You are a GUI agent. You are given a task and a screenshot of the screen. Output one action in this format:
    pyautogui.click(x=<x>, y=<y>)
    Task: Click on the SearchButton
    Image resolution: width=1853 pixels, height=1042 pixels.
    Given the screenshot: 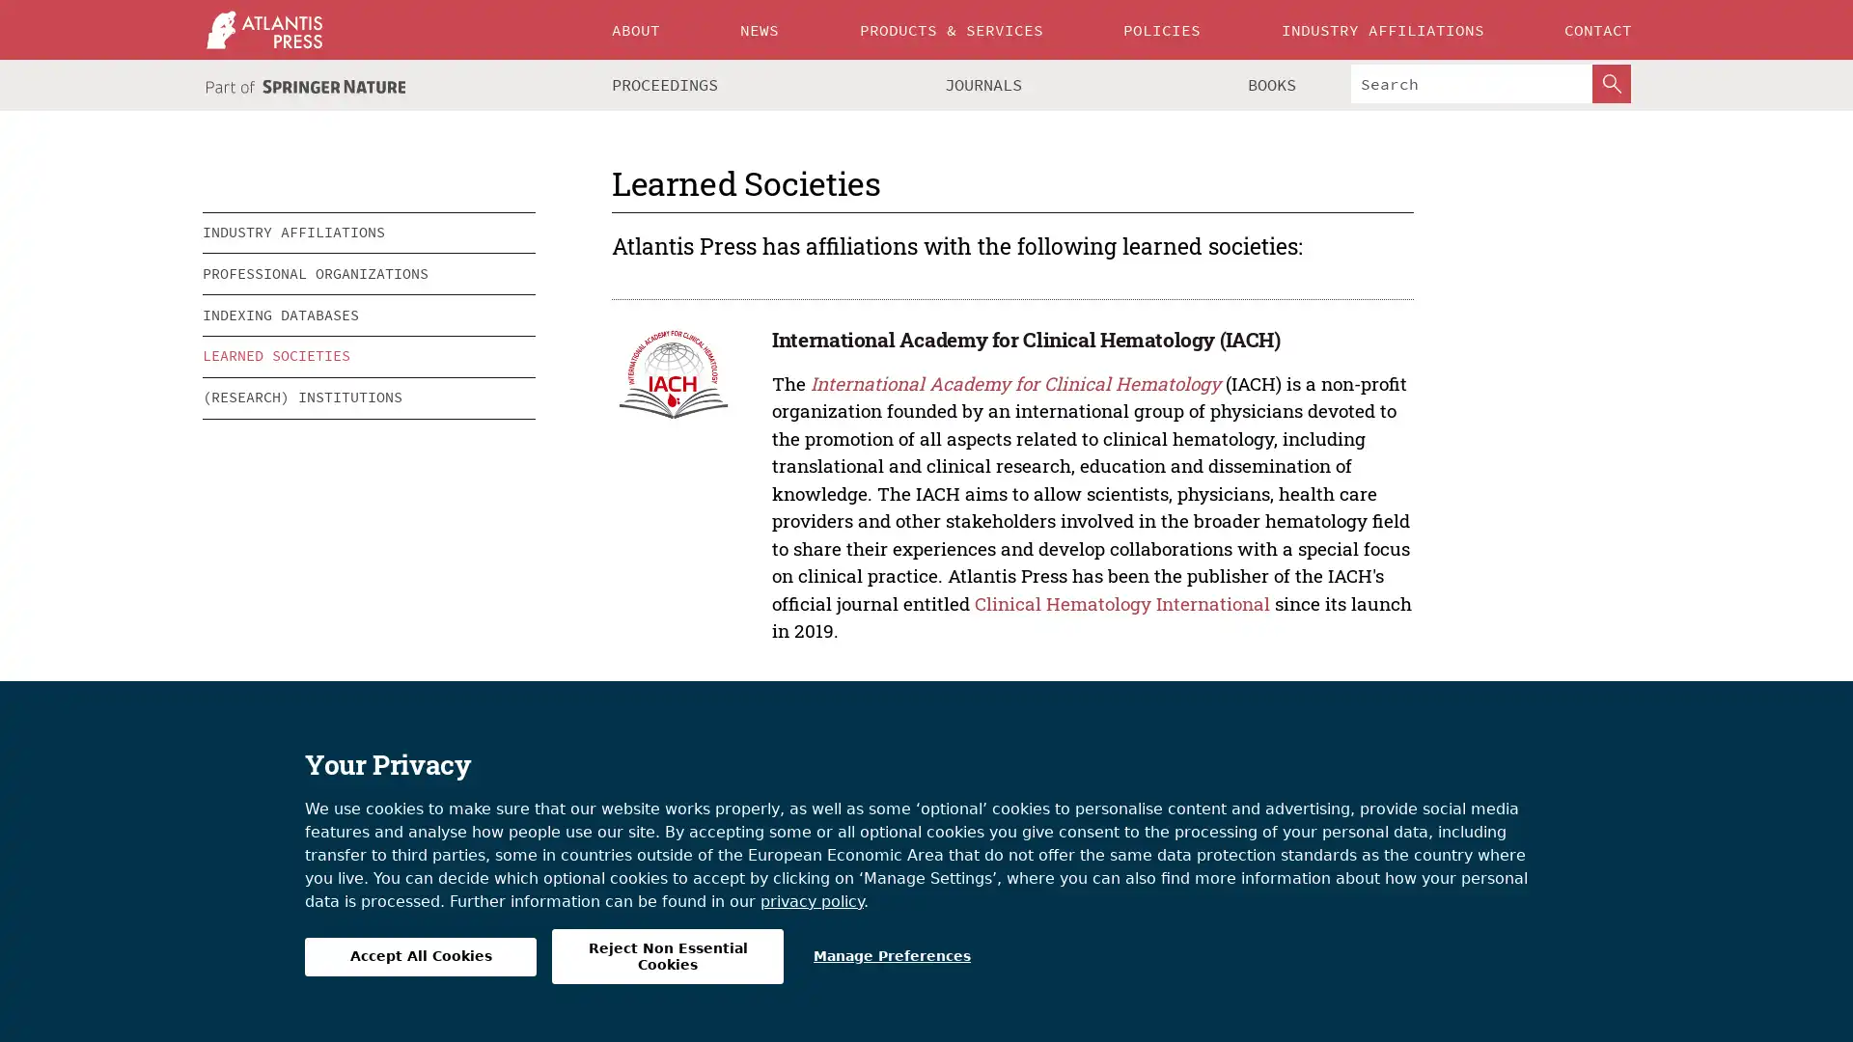 What is the action you would take?
    pyautogui.click(x=1612, y=83)
    